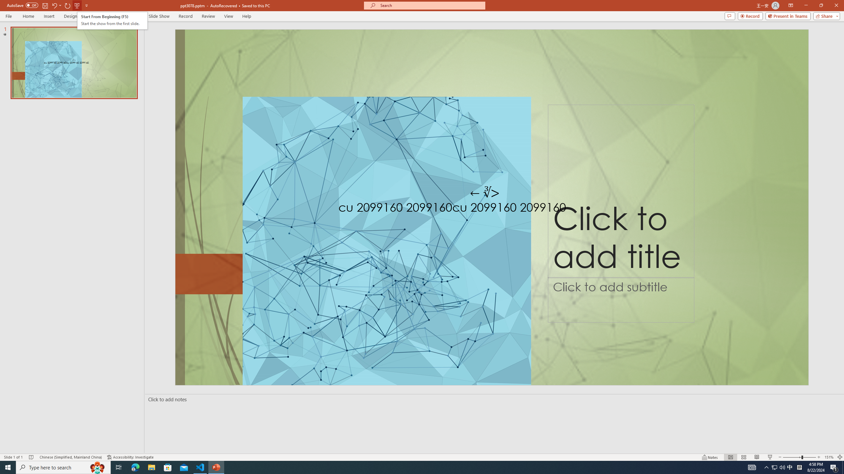 The width and height of the screenshot is (844, 474). I want to click on 'Zoom 151%', so click(829, 457).